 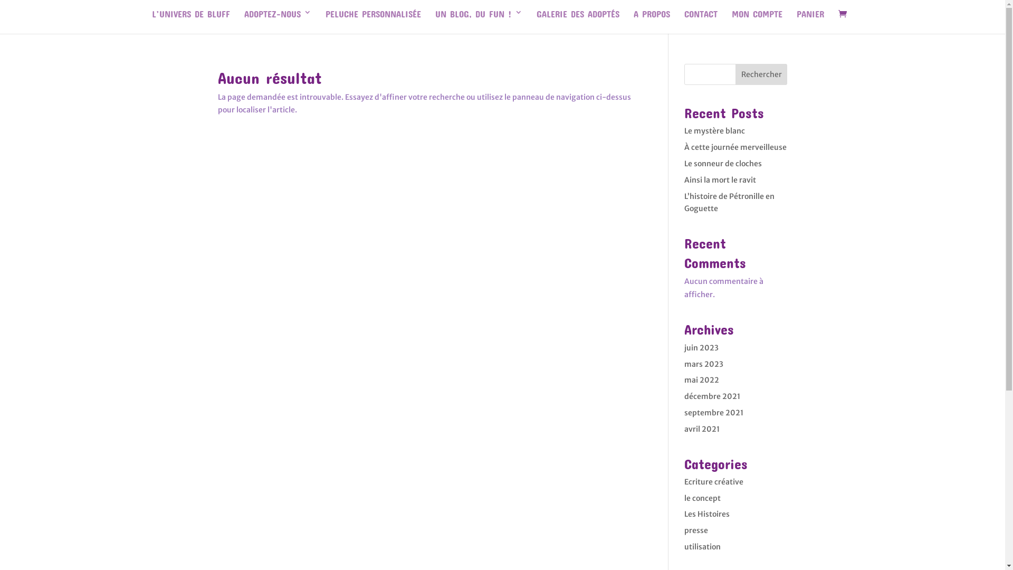 What do you see at coordinates (810, 21) in the screenshot?
I see `'PANIER'` at bounding box center [810, 21].